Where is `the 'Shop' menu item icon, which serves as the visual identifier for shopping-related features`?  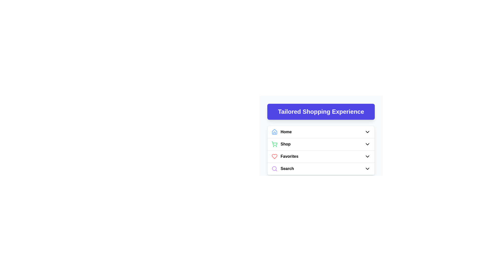
the 'Shop' menu item icon, which serves as the visual identifier for shopping-related features is located at coordinates (274, 143).